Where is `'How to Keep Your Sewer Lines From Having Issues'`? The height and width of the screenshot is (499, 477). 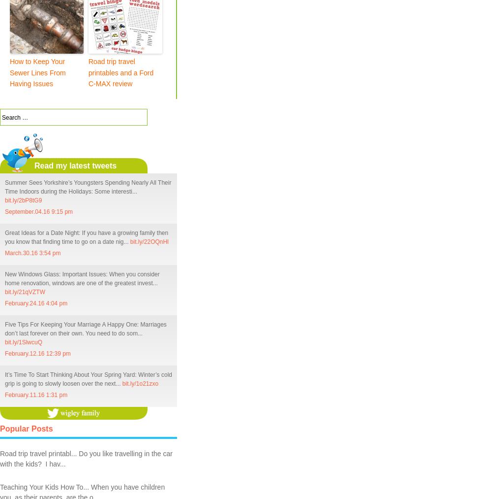 'How to Keep Your Sewer Lines From Having Issues' is located at coordinates (37, 72).